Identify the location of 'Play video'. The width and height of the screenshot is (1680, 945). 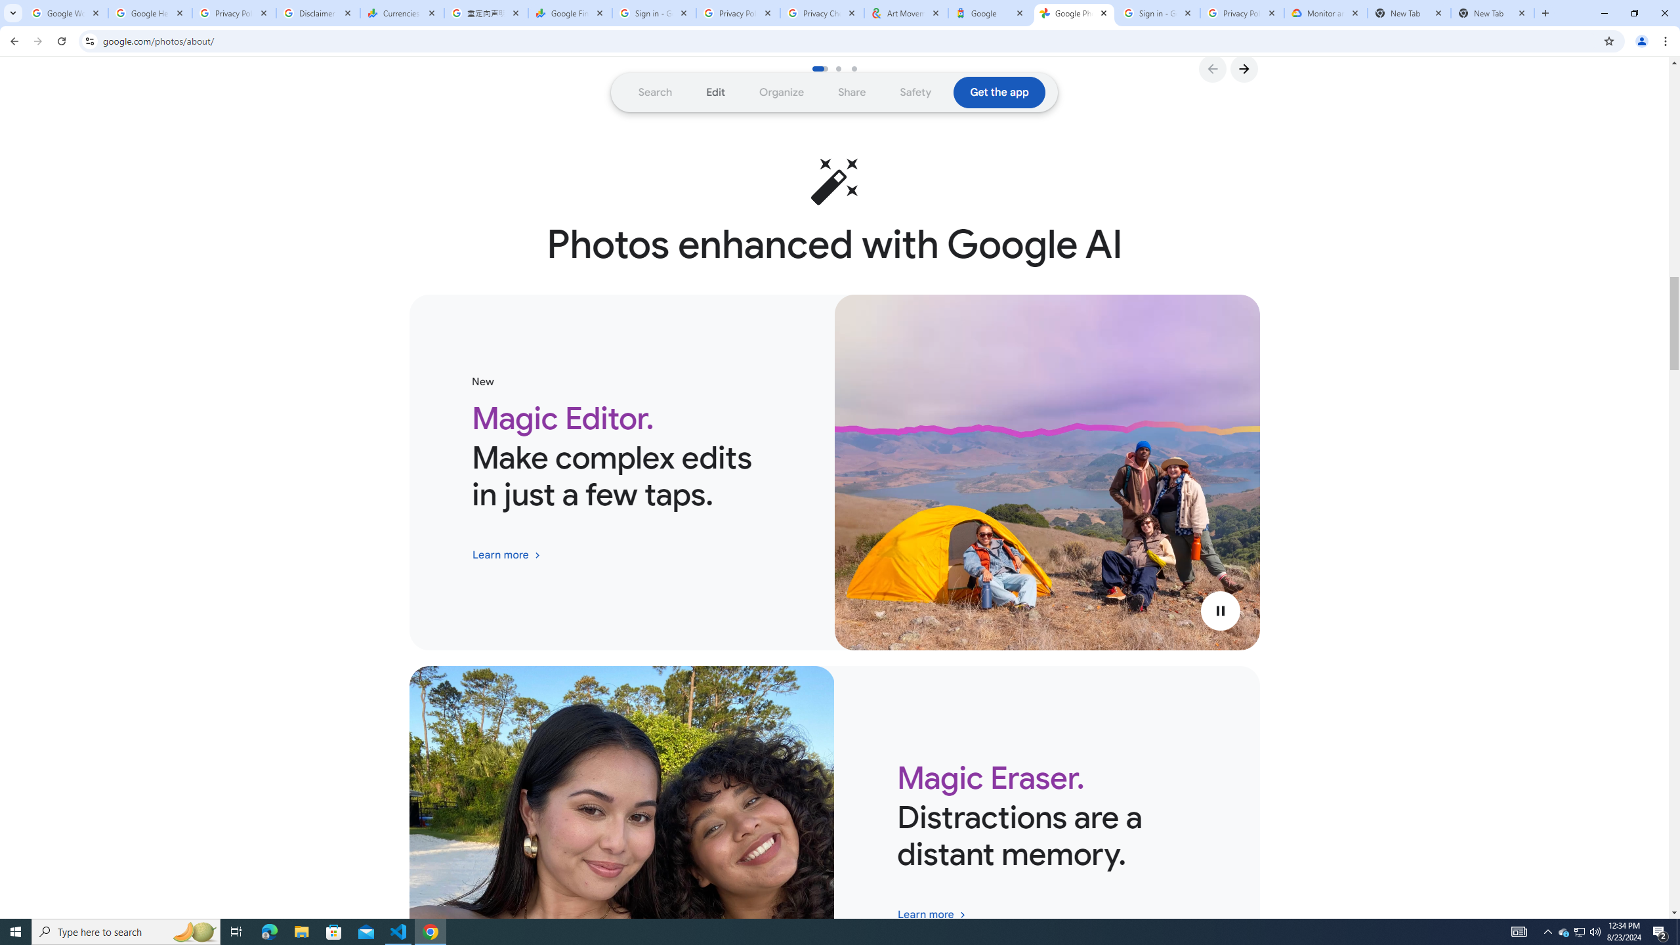
(1219, 610).